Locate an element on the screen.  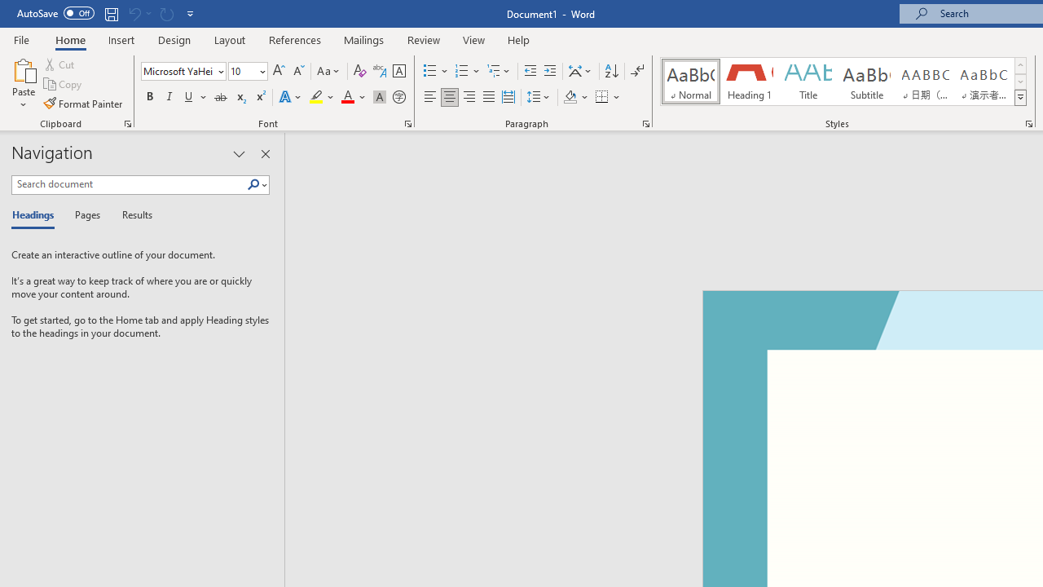
'Sort...' is located at coordinates (610, 70).